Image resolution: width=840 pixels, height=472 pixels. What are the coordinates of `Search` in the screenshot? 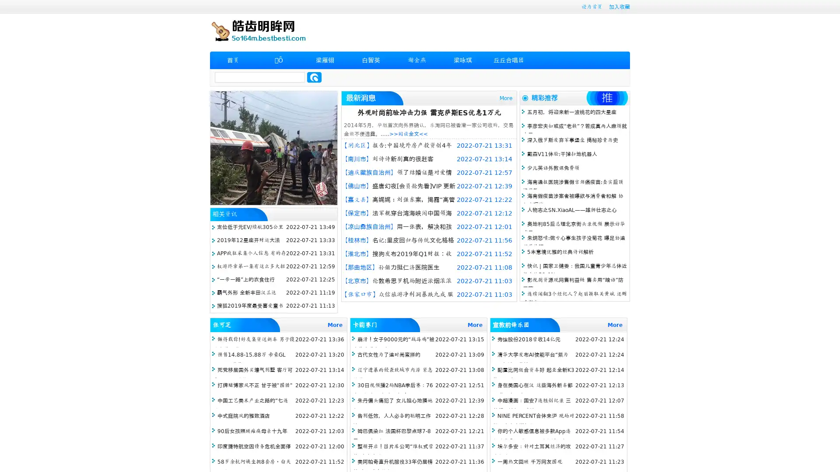 It's located at (314, 77).